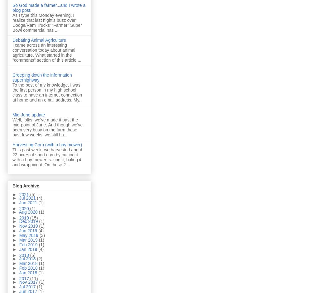  What do you see at coordinates (29, 235) in the screenshot?
I see `'May 2019'` at bounding box center [29, 235].